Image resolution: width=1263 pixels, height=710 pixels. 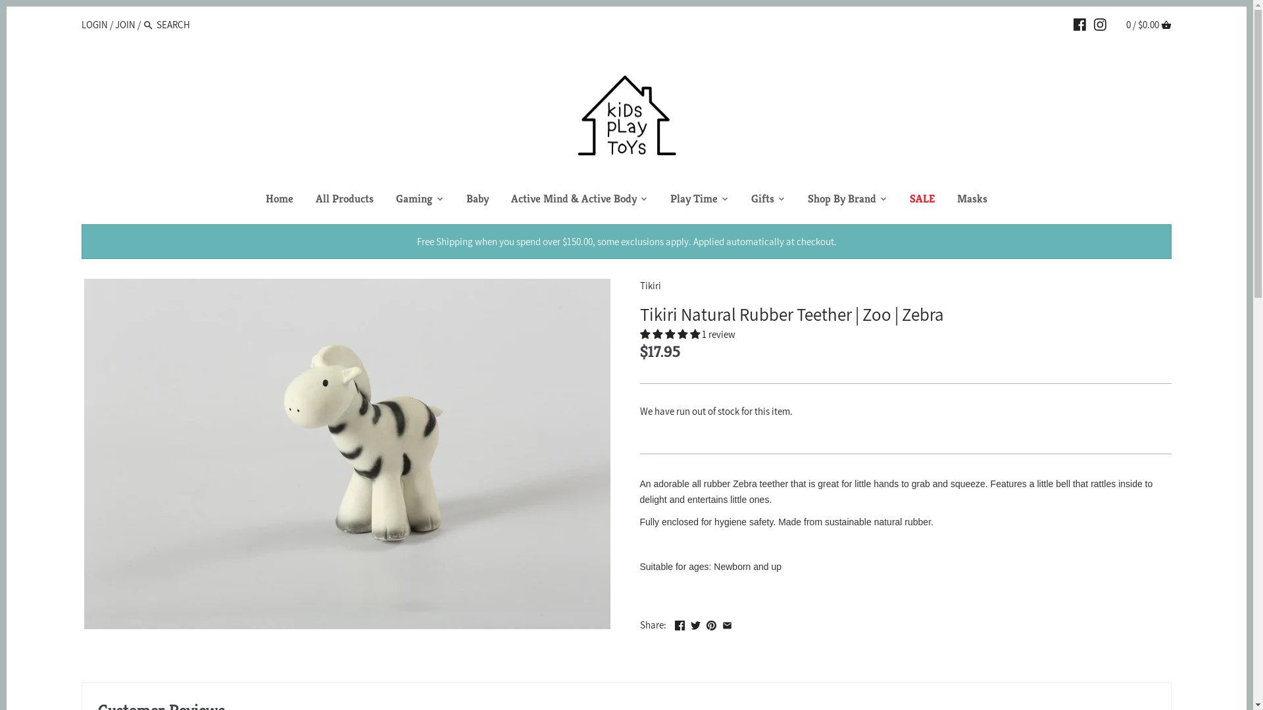 What do you see at coordinates (455, 200) in the screenshot?
I see `'Baby'` at bounding box center [455, 200].